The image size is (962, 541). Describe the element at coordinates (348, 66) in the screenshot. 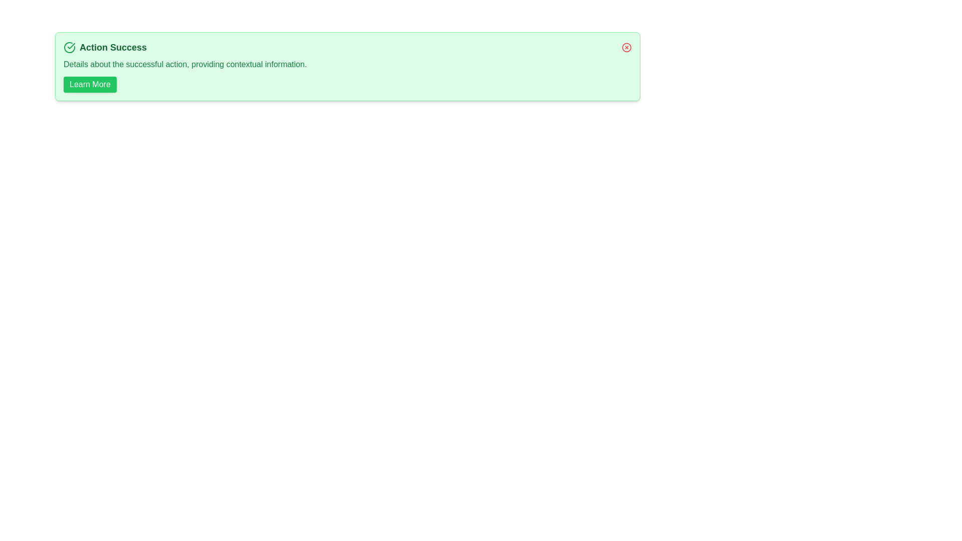

I see `the alert container to enhance accessibility` at that location.